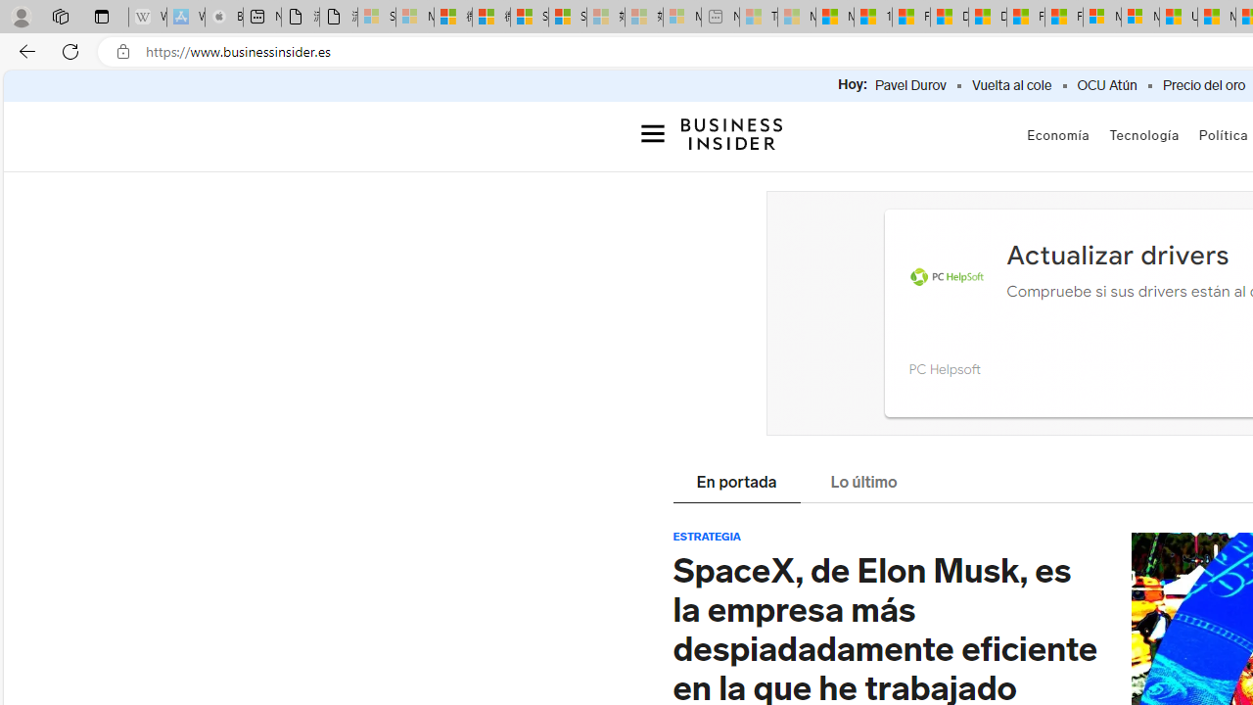  I want to click on 'Logo BusinessInsider.es', so click(731, 138).